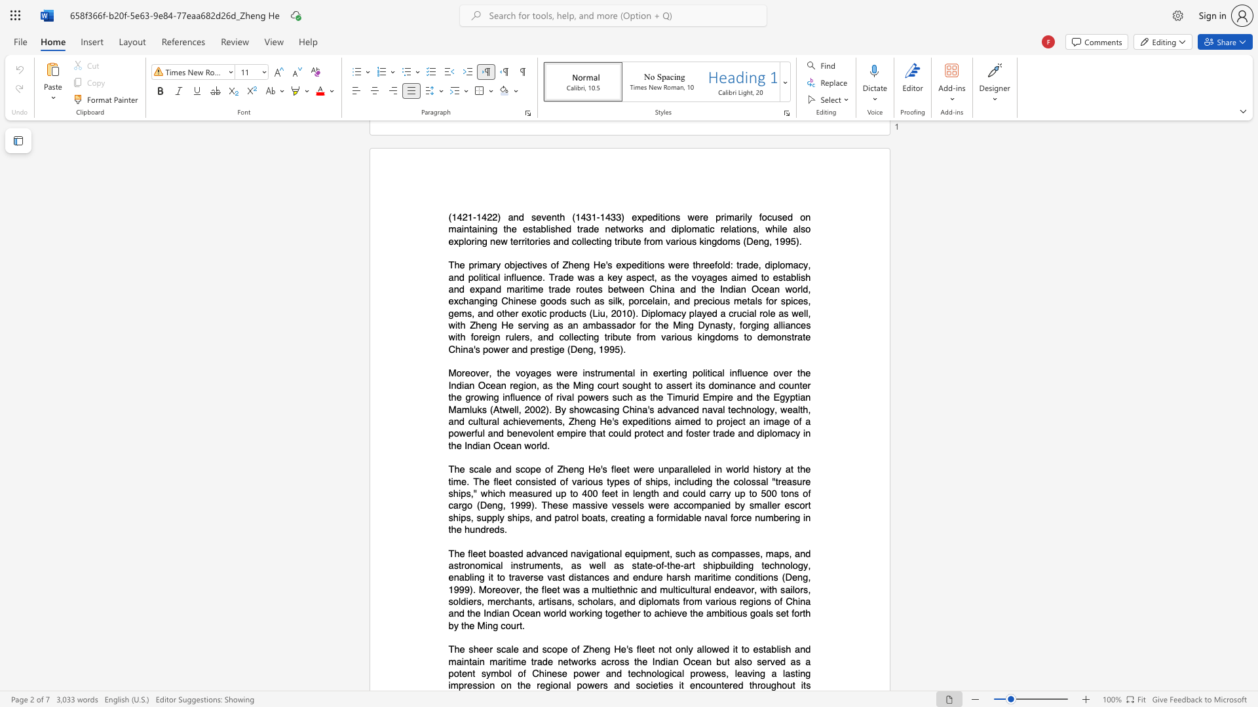 The height and width of the screenshot is (707, 1258). What do you see at coordinates (581, 685) in the screenshot?
I see `the space between the continuous character "p" and "o" in the text` at bounding box center [581, 685].